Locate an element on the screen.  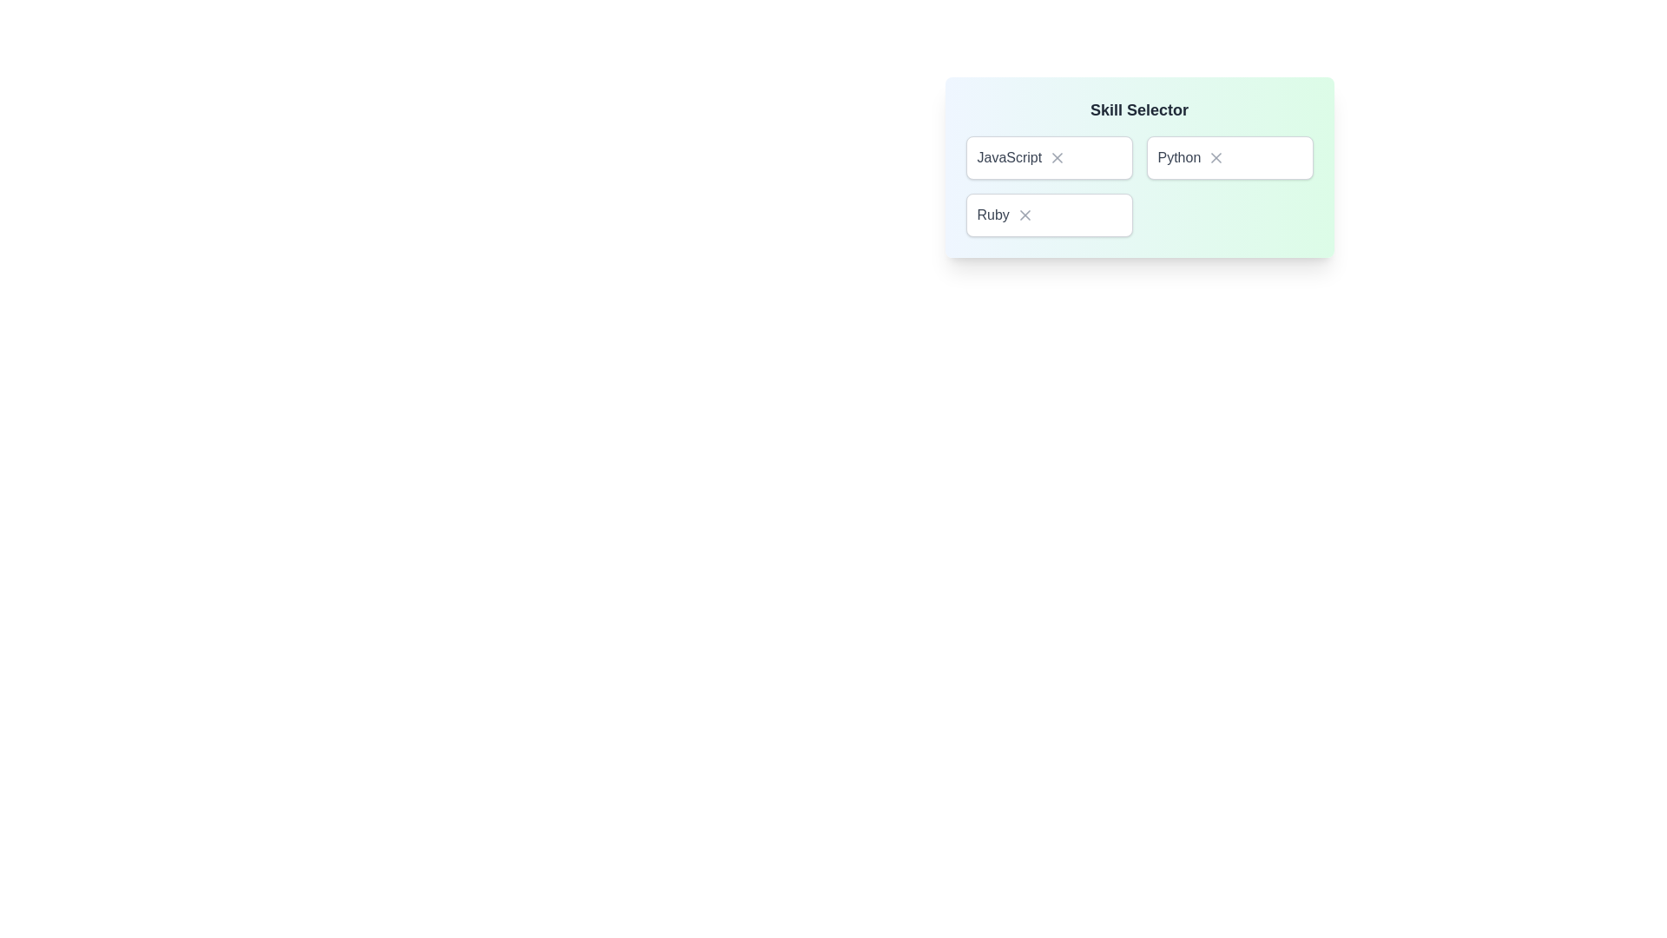
the title text 'Skill Selector' to inspect it is located at coordinates (1139, 110).